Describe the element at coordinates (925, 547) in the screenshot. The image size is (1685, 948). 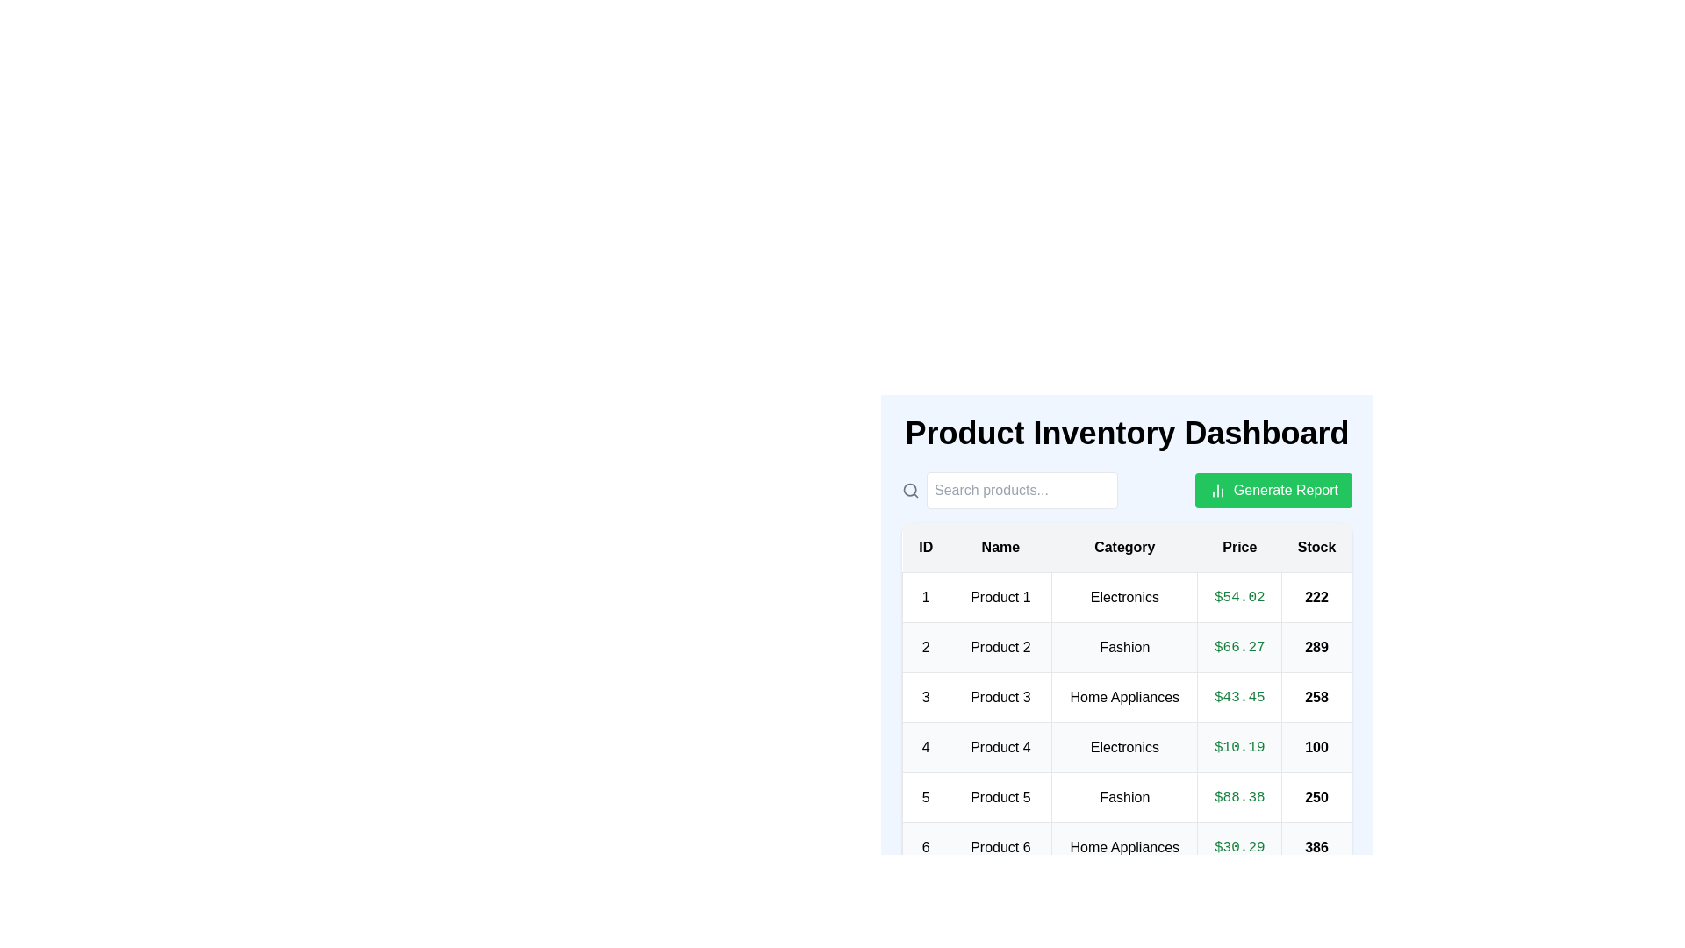
I see `the header of the column ID to sort the table by that column` at that location.